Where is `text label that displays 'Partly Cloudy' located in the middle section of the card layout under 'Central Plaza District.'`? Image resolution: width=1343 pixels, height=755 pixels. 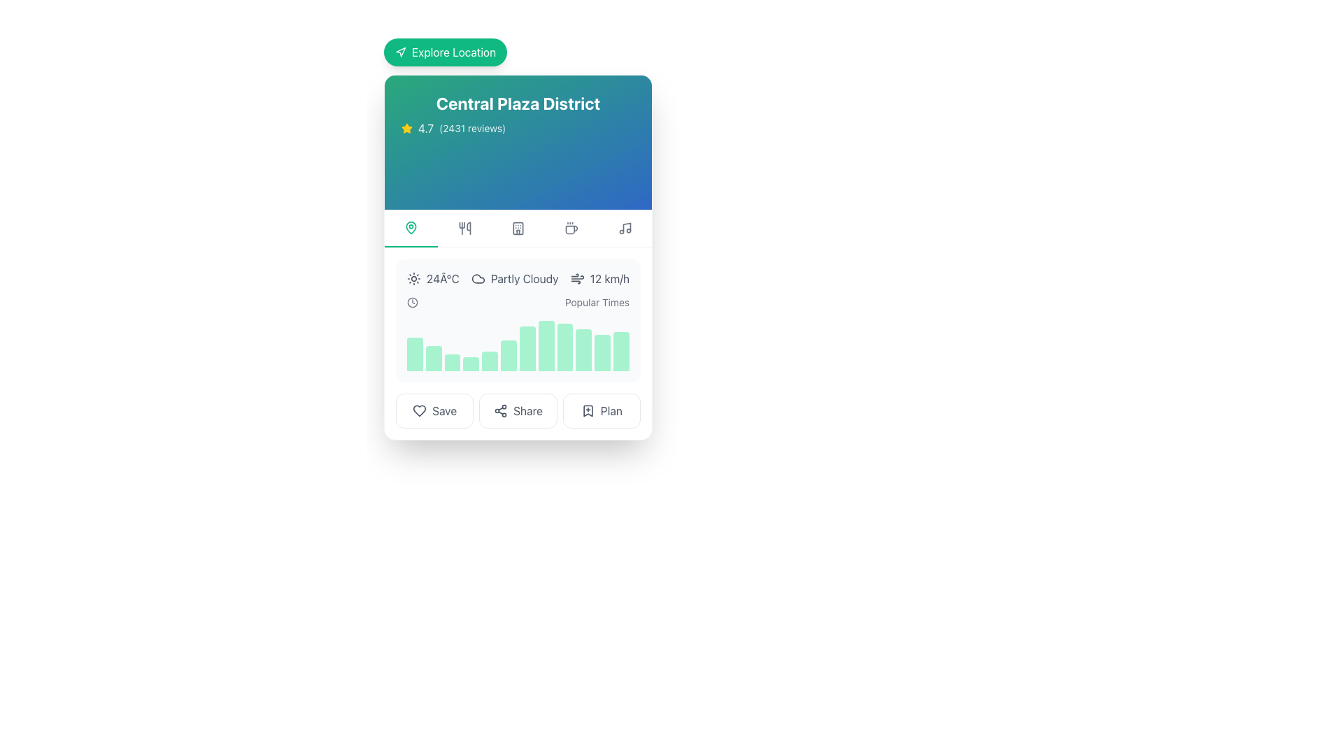 text label that displays 'Partly Cloudy' located in the middle section of the card layout under 'Central Plaza District.' is located at coordinates (524, 278).